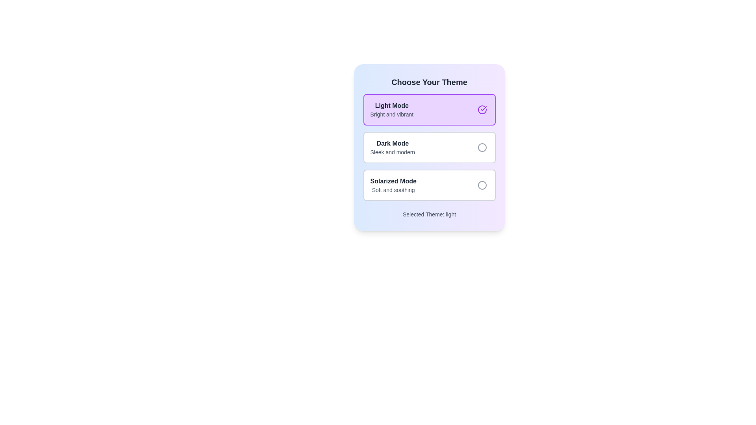 This screenshot has width=756, height=425. Describe the element at coordinates (397, 185) in the screenshot. I see `the text label for the third selectable theme option 'Solarized Mode' which describes it as 'Soft and soothing'` at that location.